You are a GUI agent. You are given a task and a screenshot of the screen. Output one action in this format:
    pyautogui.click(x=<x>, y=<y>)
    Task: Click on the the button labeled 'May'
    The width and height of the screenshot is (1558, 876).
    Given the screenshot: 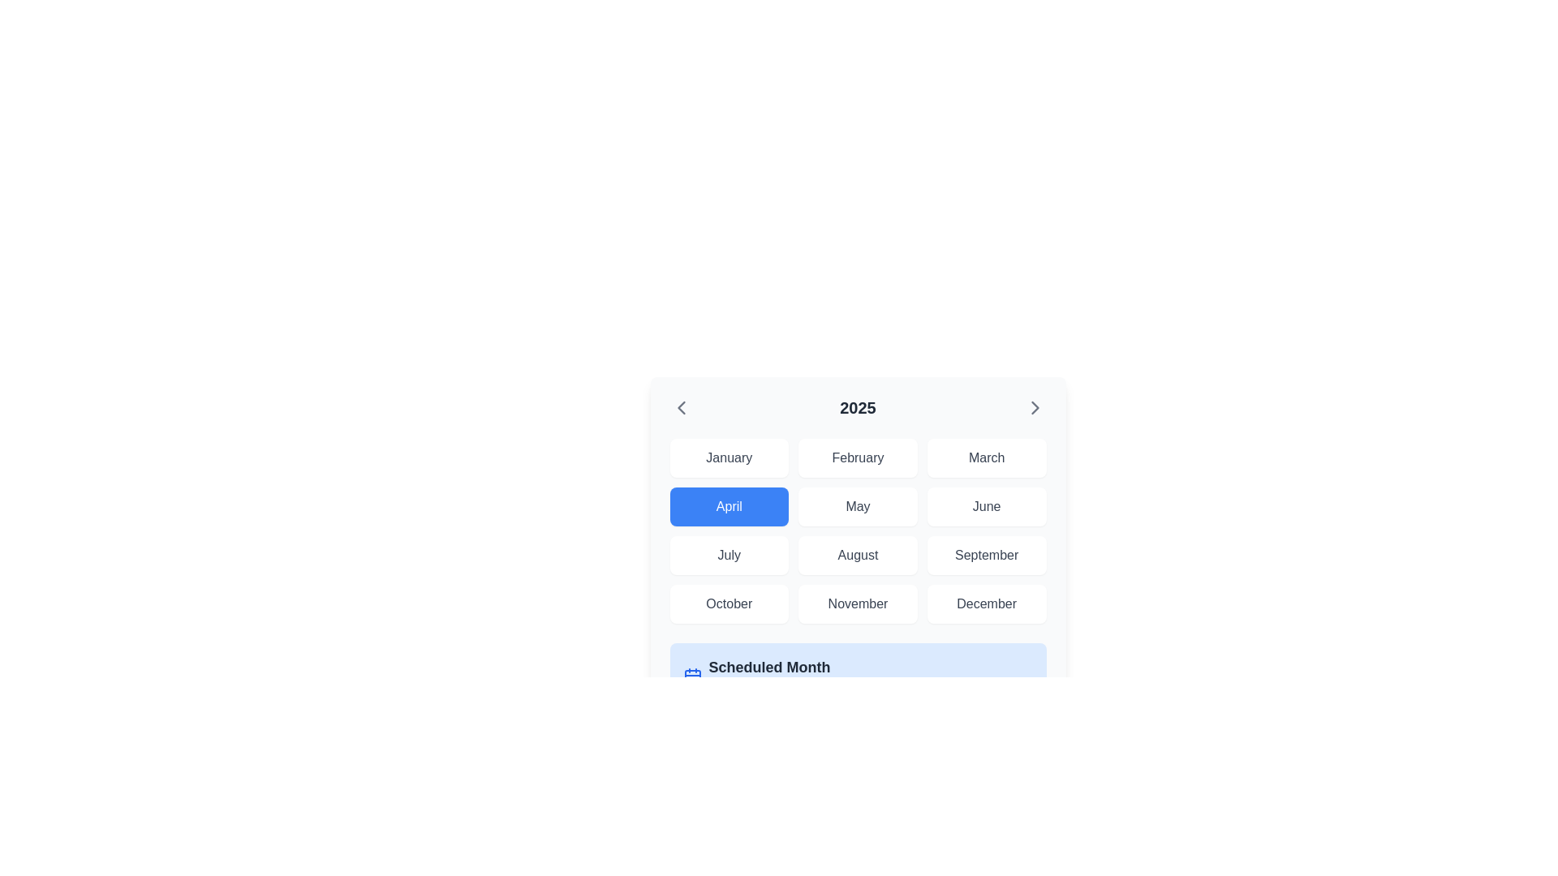 What is the action you would take?
    pyautogui.click(x=857, y=505)
    